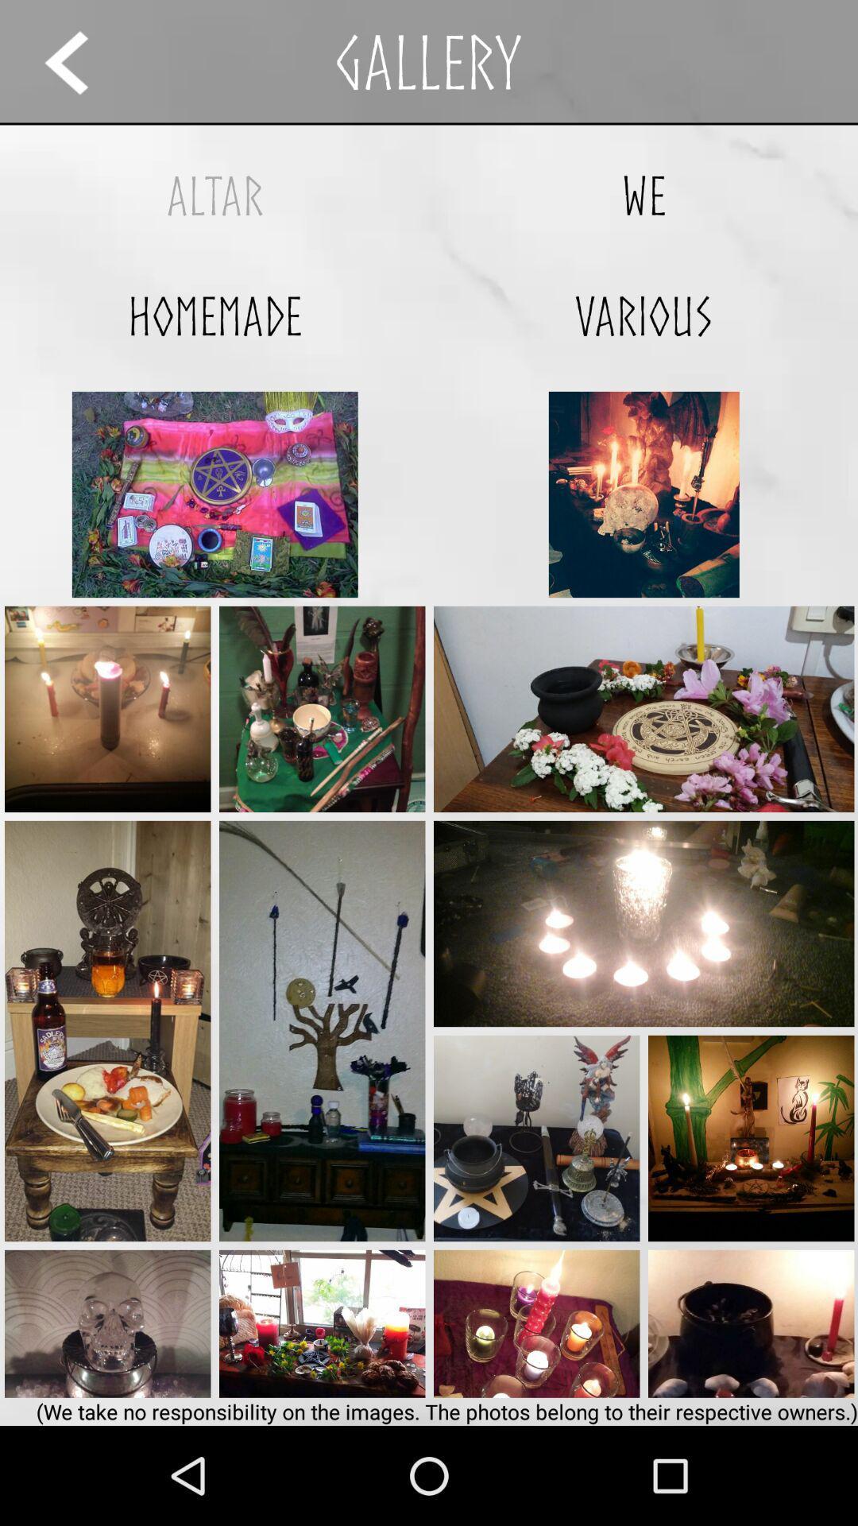 The height and width of the screenshot is (1526, 858). Describe the element at coordinates (214, 316) in the screenshot. I see `item next to the various item` at that location.